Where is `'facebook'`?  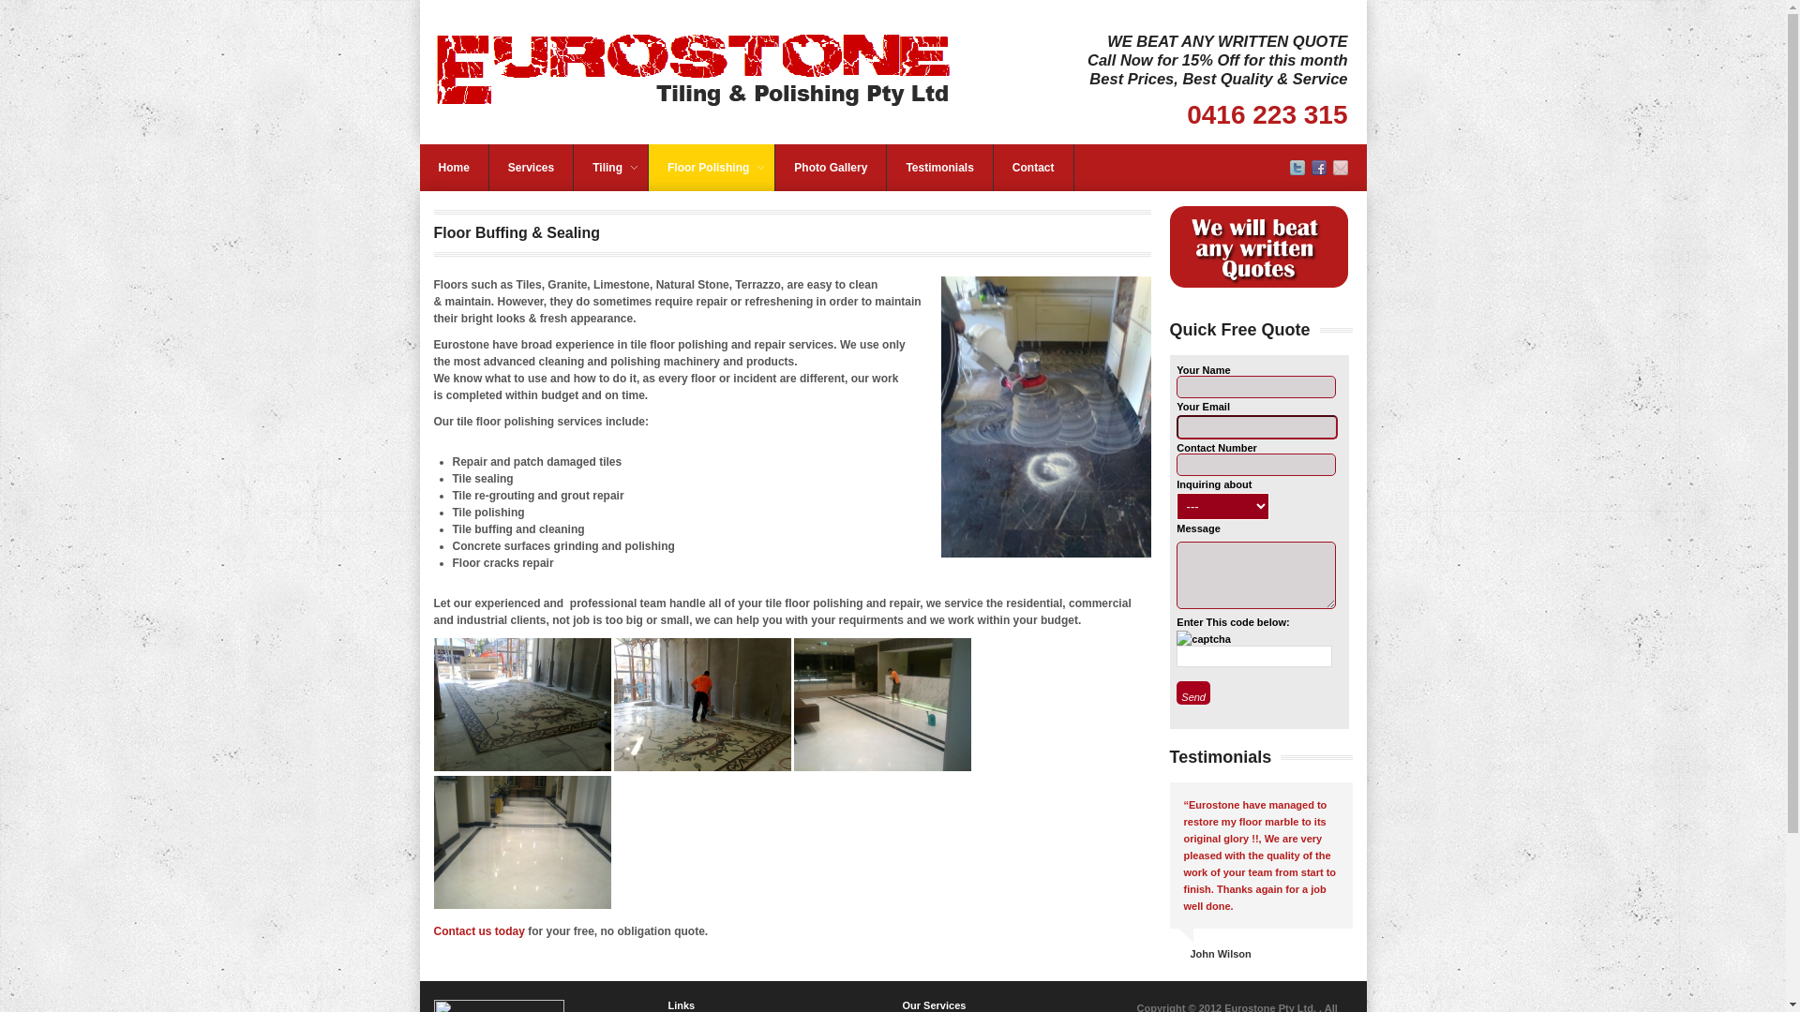 'facebook' is located at coordinates (1317, 171).